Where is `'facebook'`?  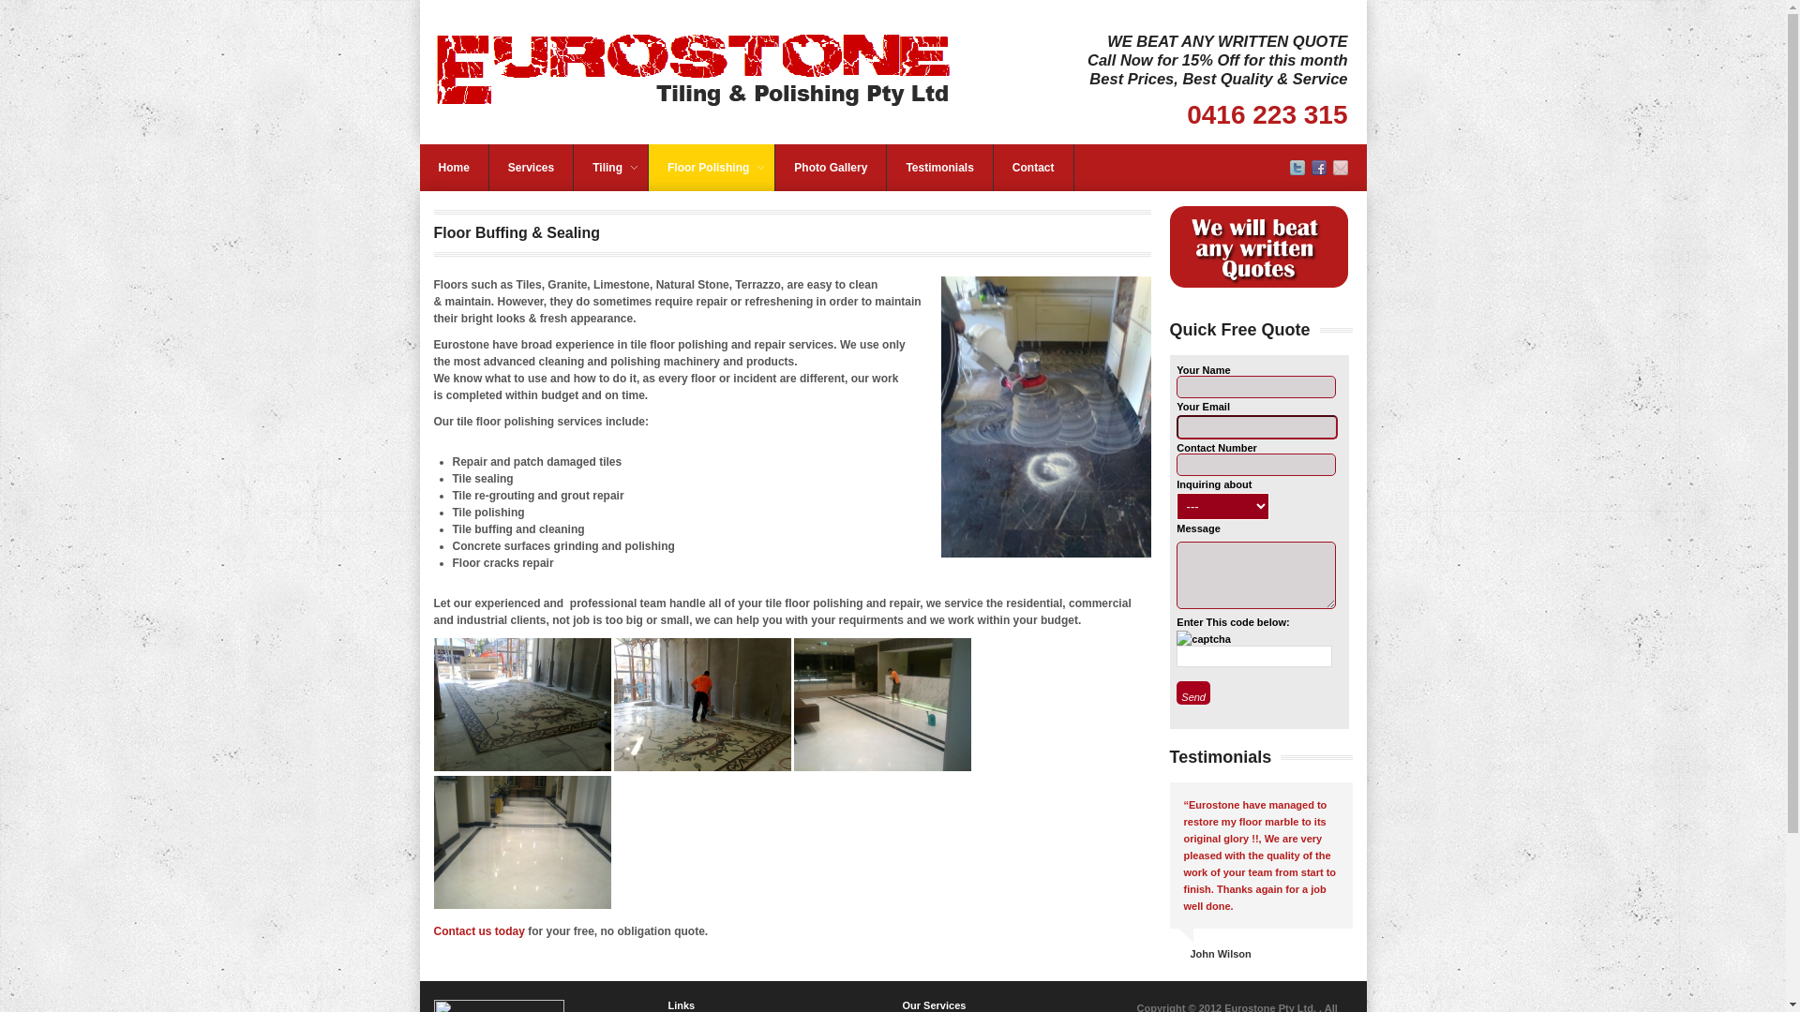 'facebook' is located at coordinates (1317, 171).